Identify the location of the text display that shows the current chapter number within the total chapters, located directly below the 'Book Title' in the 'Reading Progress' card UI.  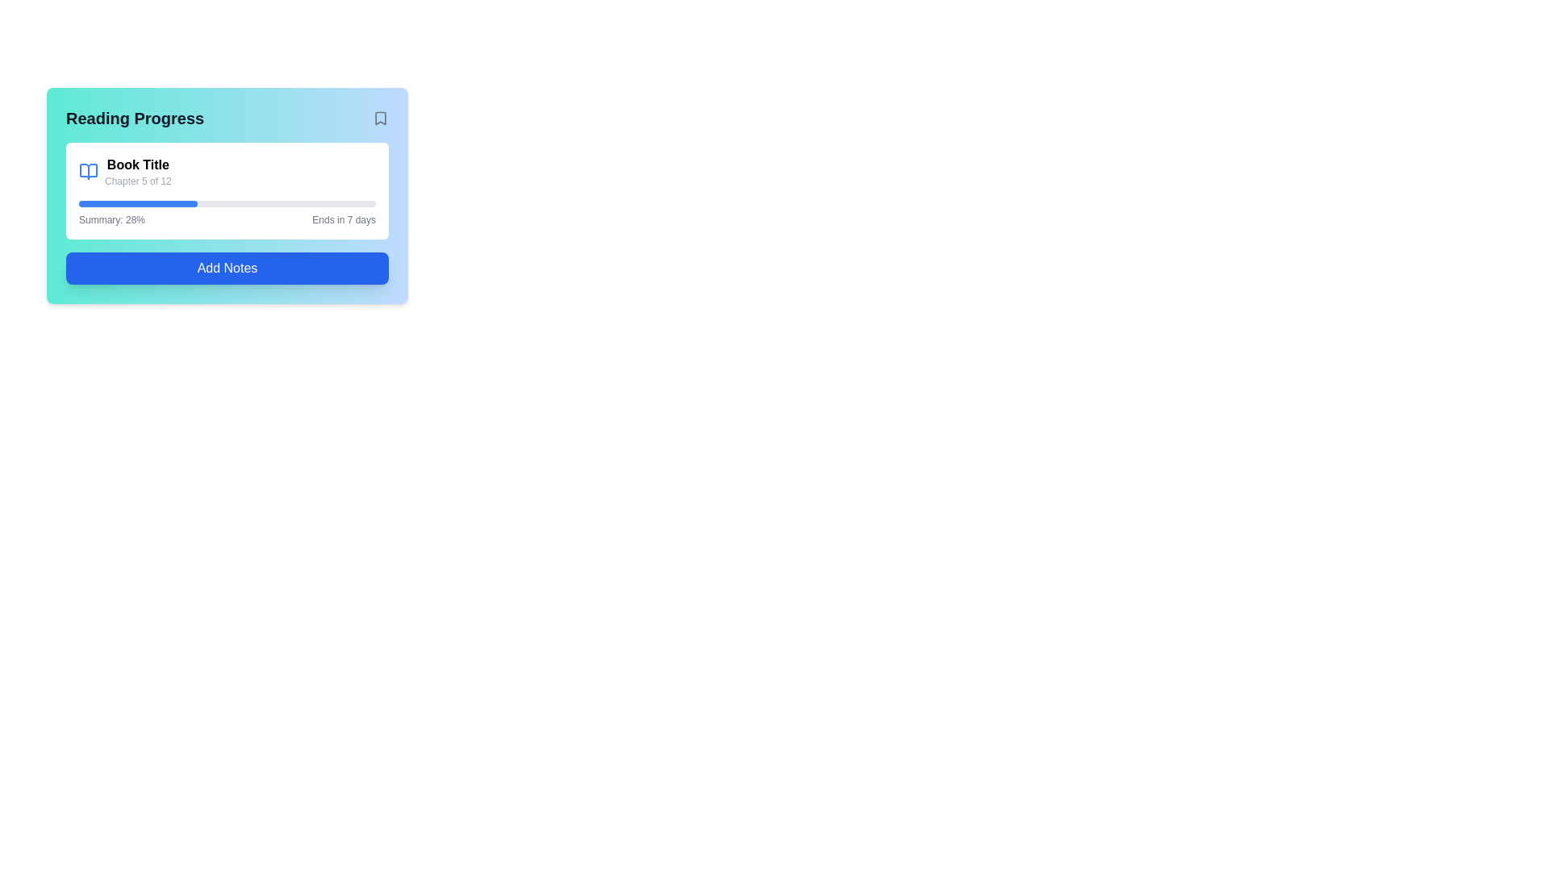
(138, 181).